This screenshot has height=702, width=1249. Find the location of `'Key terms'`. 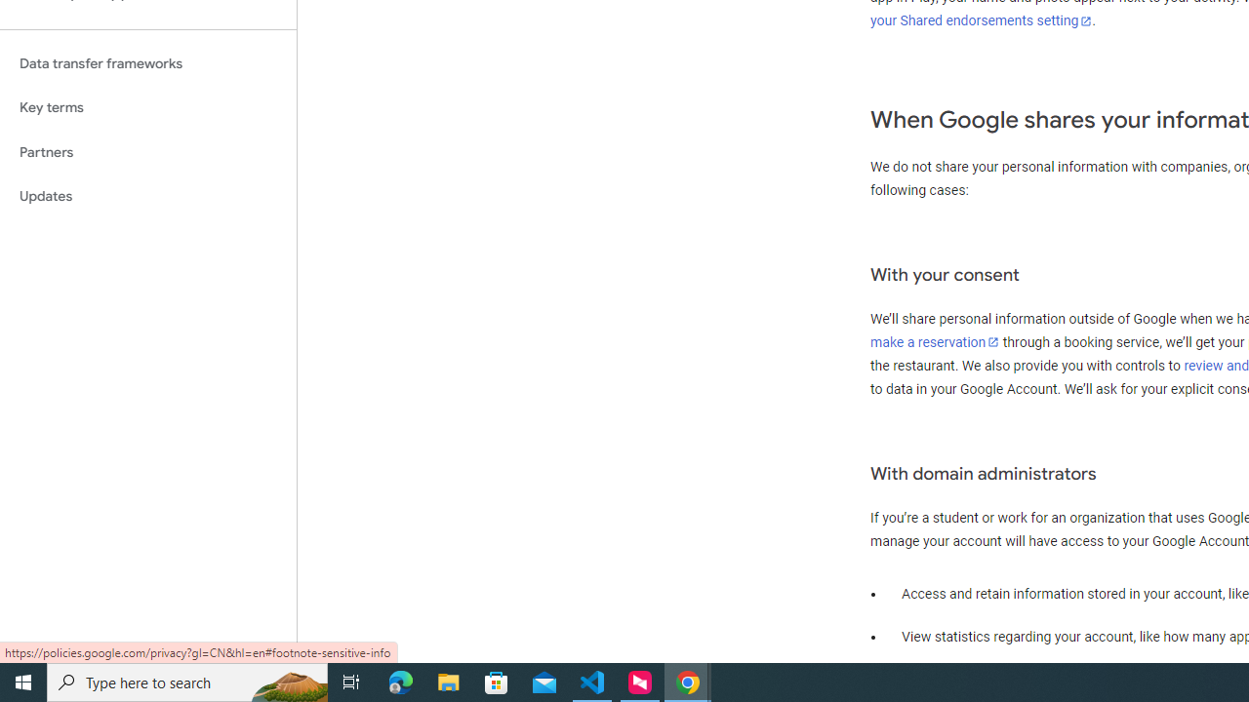

'Key terms' is located at coordinates (147, 107).